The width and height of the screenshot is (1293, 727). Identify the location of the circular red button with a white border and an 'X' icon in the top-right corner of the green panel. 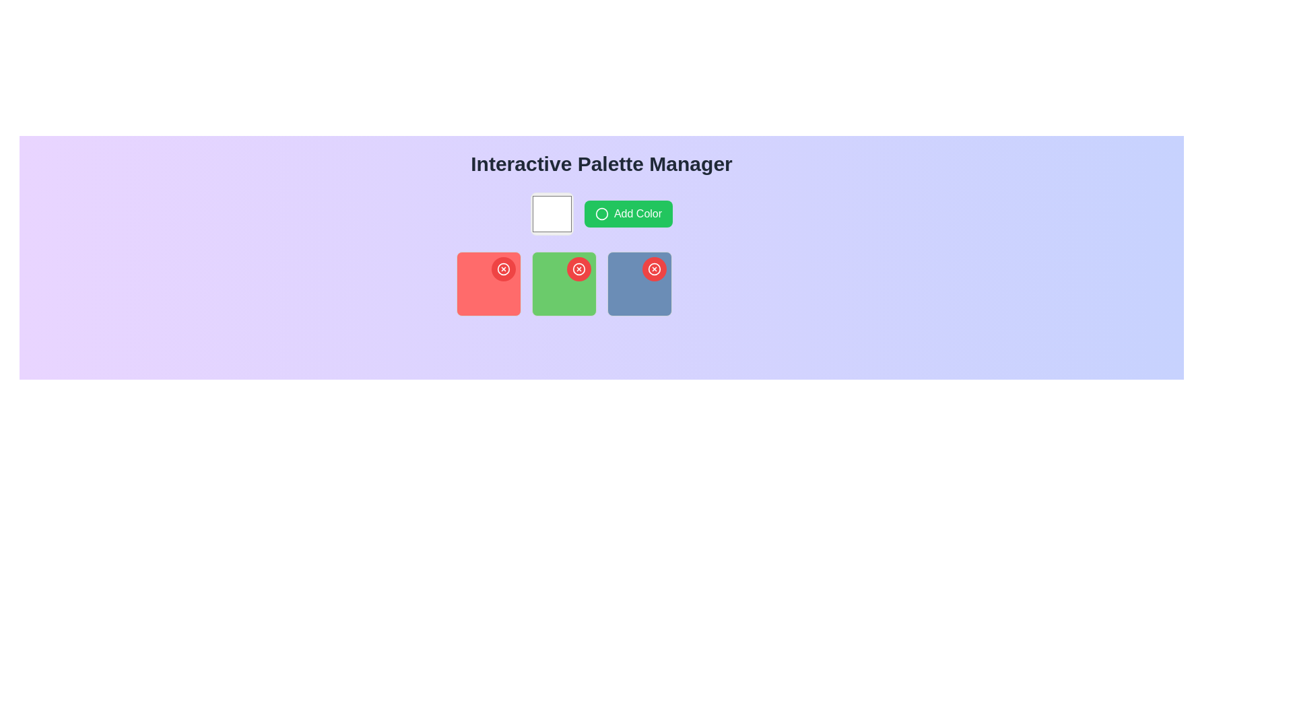
(578, 269).